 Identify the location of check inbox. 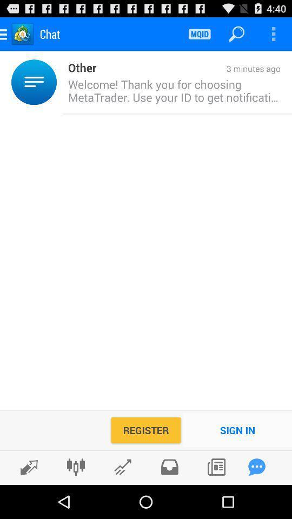
(169, 467).